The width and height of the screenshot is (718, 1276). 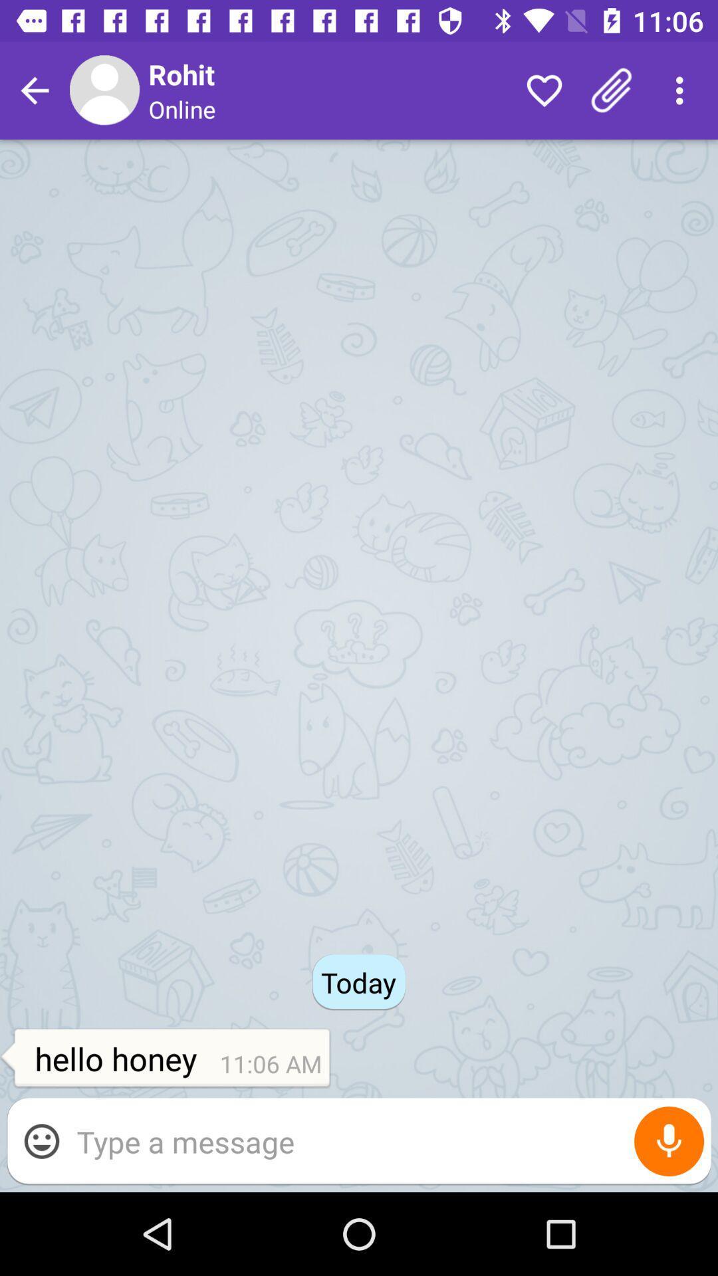 I want to click on the item above hello honey, so click(x=34, y=90).